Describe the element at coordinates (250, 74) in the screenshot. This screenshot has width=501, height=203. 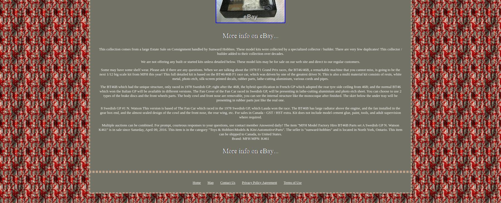
I see `'Some may have some shelf wear. Please ask if there are any questions. When we are talking about the 1978 F1 Grand Prix races, the BT46/46B, a remarkable machine that you cannot miss, is going to be the next 1/12 big scale kit from MFH this year! This full detailed kit is based on the BT46/46B F1 race car, which was driven by one of the greatest driver N. This is also a multi material kit consists of resin, white metal, photo etch, silk-screen printed decals, rubber parts, lathe-cutting aluminium, various cords and pipes.'` at that location.